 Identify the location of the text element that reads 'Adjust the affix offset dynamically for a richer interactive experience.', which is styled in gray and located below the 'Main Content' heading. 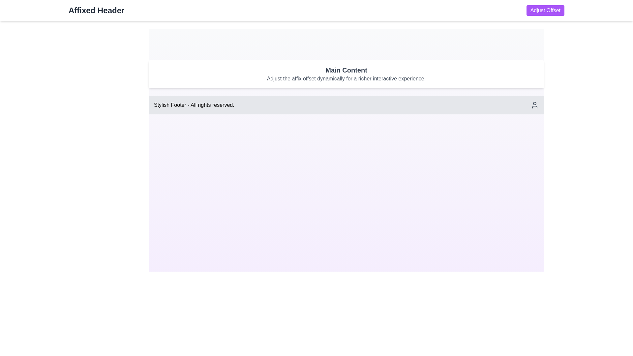
(346, 78).